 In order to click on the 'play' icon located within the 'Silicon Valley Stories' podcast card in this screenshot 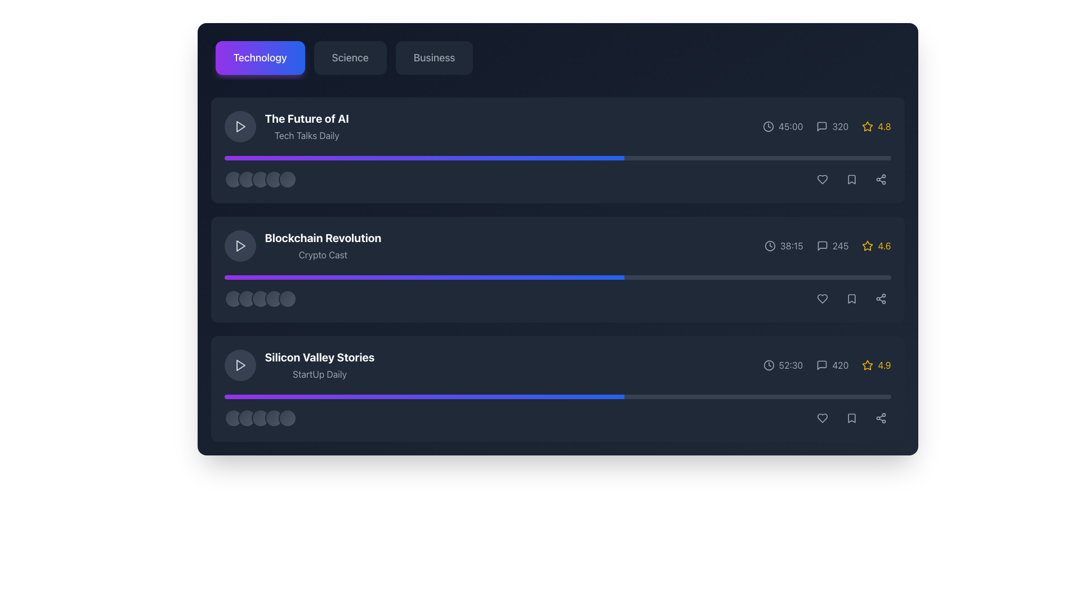, I will do `click(240, 365)`.